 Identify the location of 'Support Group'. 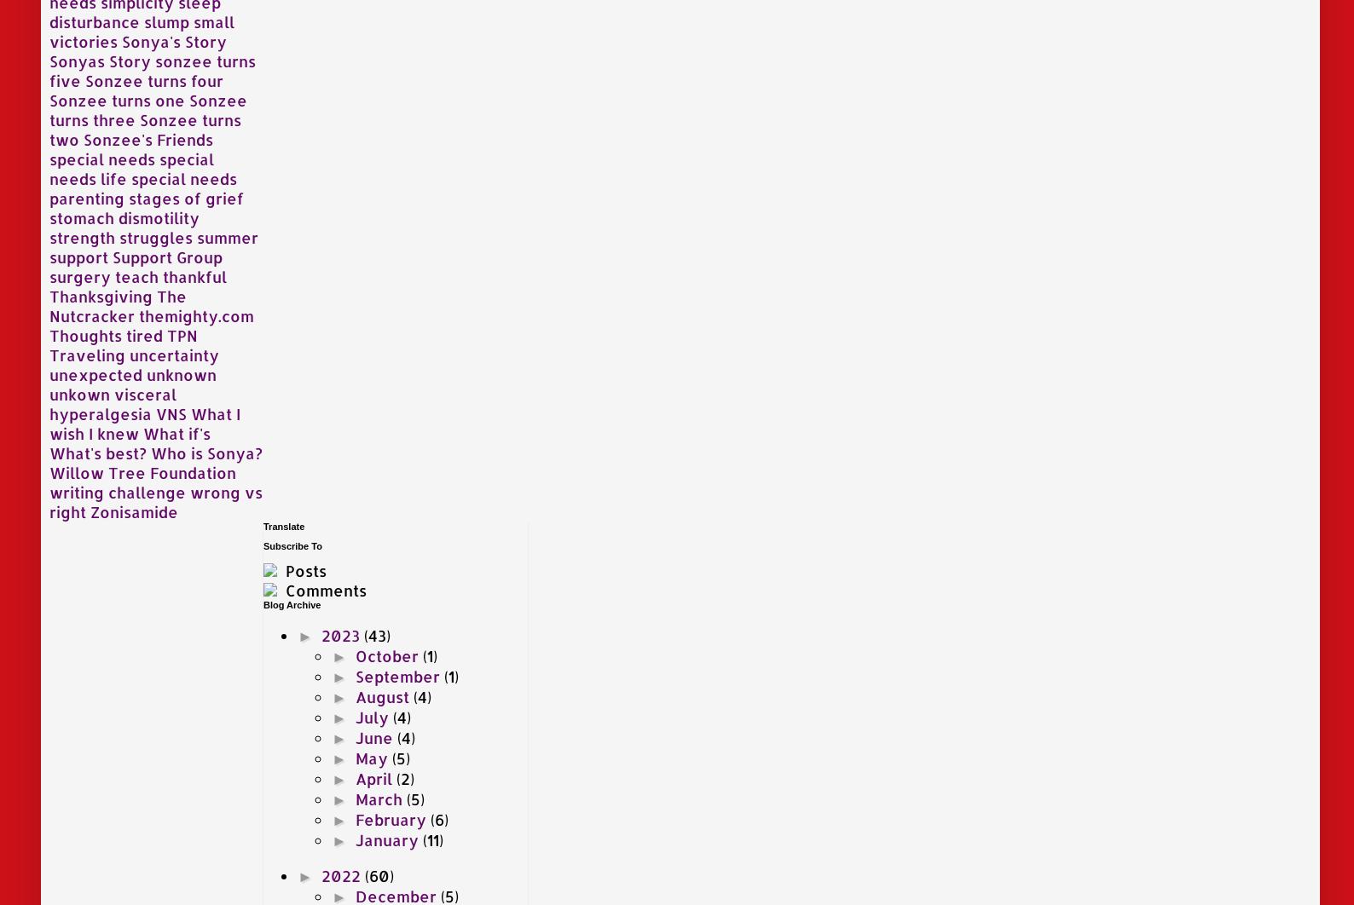
(166, 255).